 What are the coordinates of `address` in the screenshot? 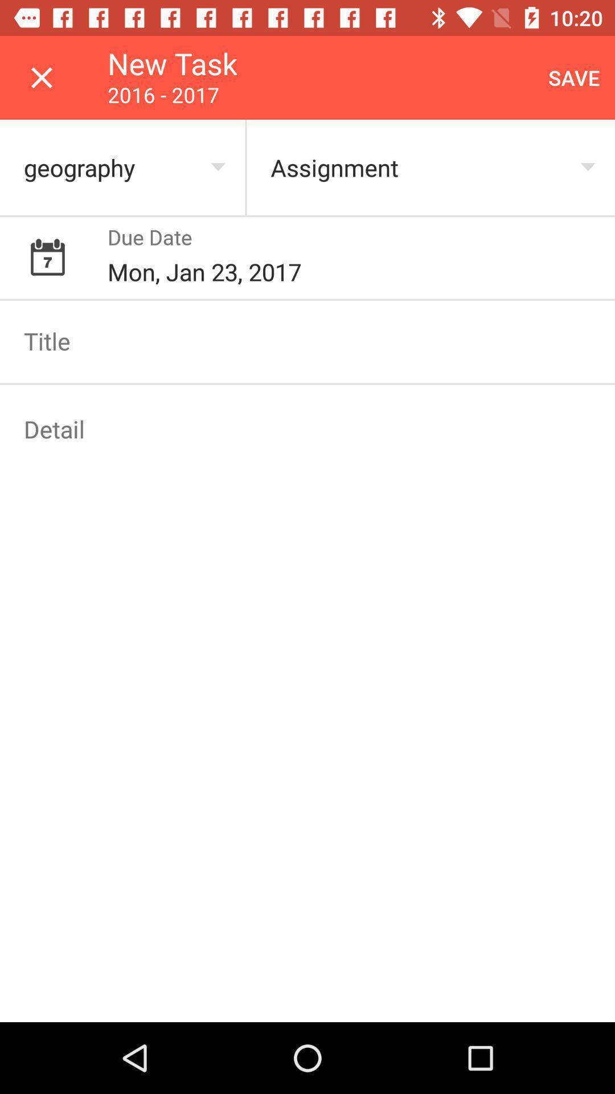 It's located at (307, 428).